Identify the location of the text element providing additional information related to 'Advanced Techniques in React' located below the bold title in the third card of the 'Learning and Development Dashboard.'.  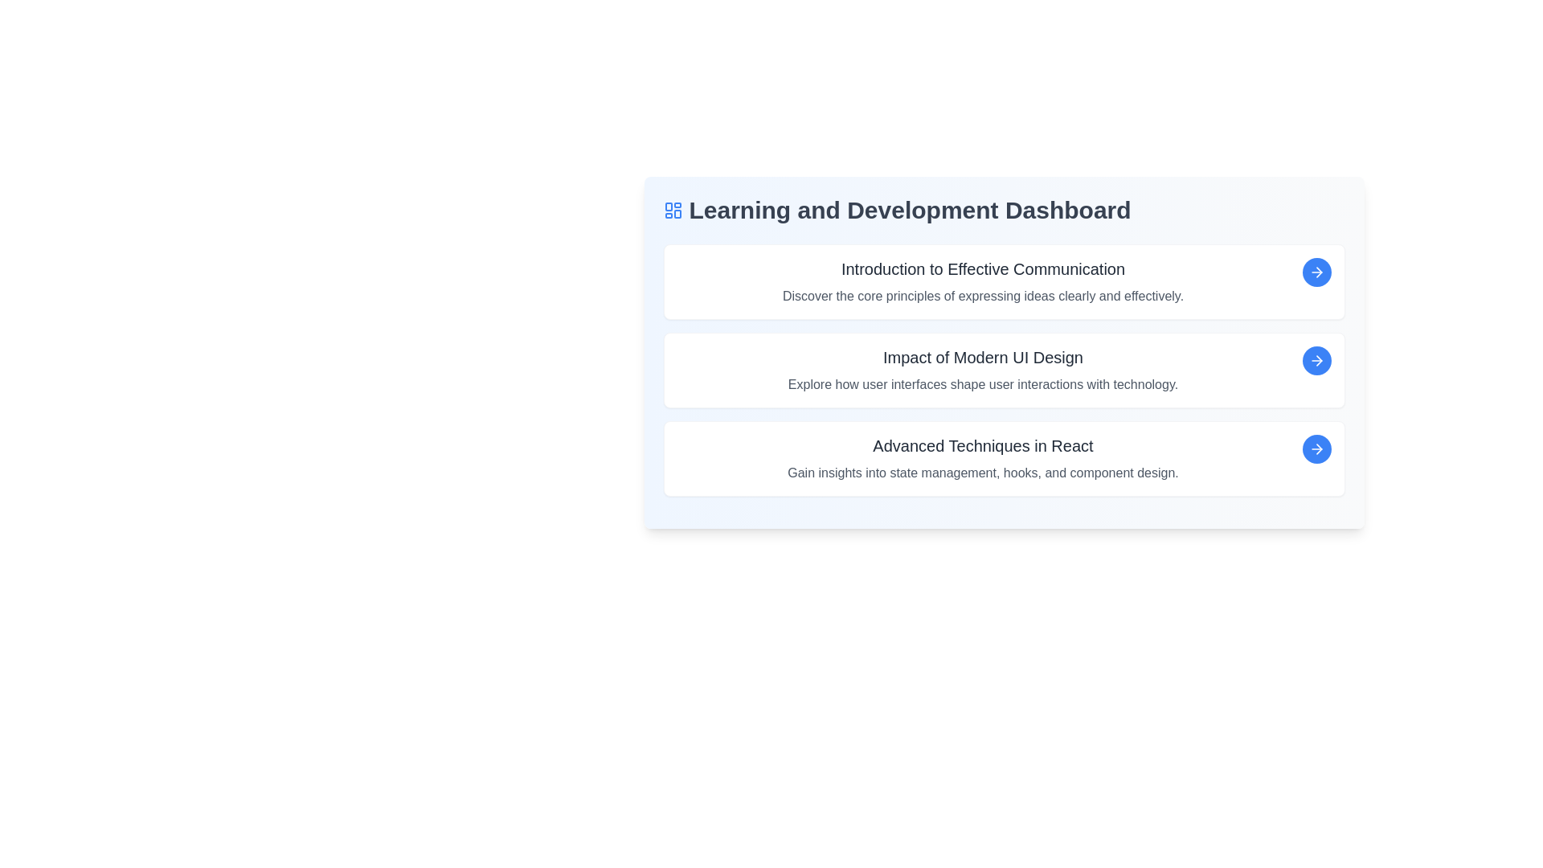
(982, 473).